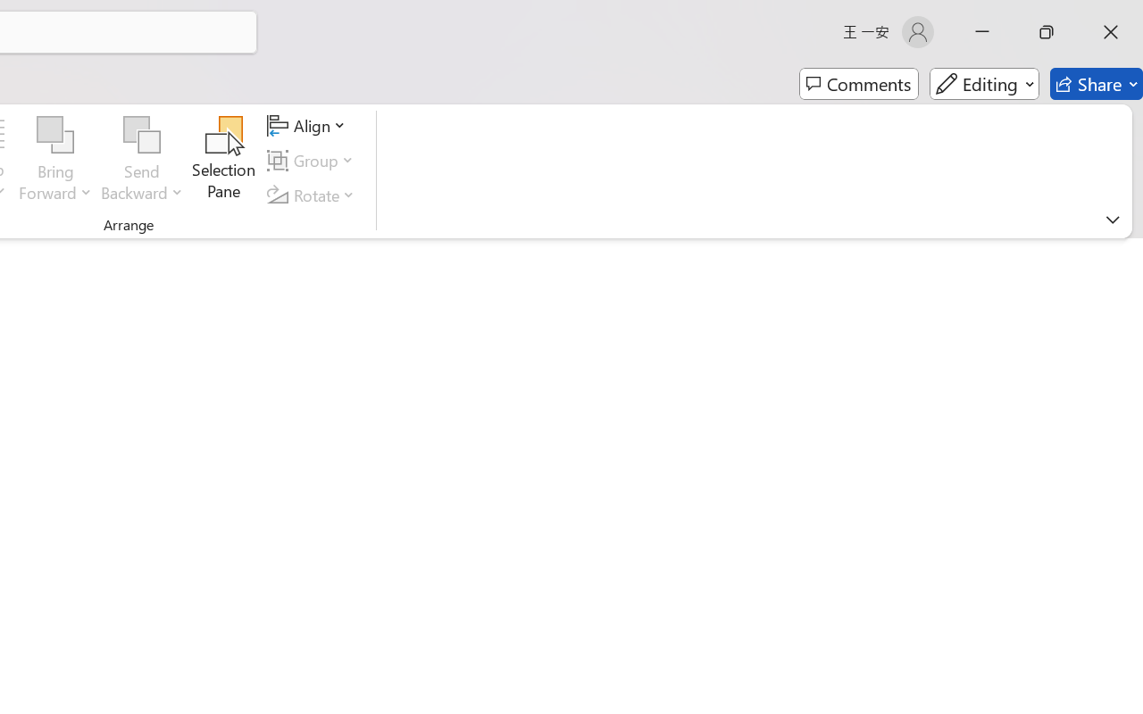 The height and width of the screenshot is (714, 1143). I want to click on 'Align', so click(309, 126).